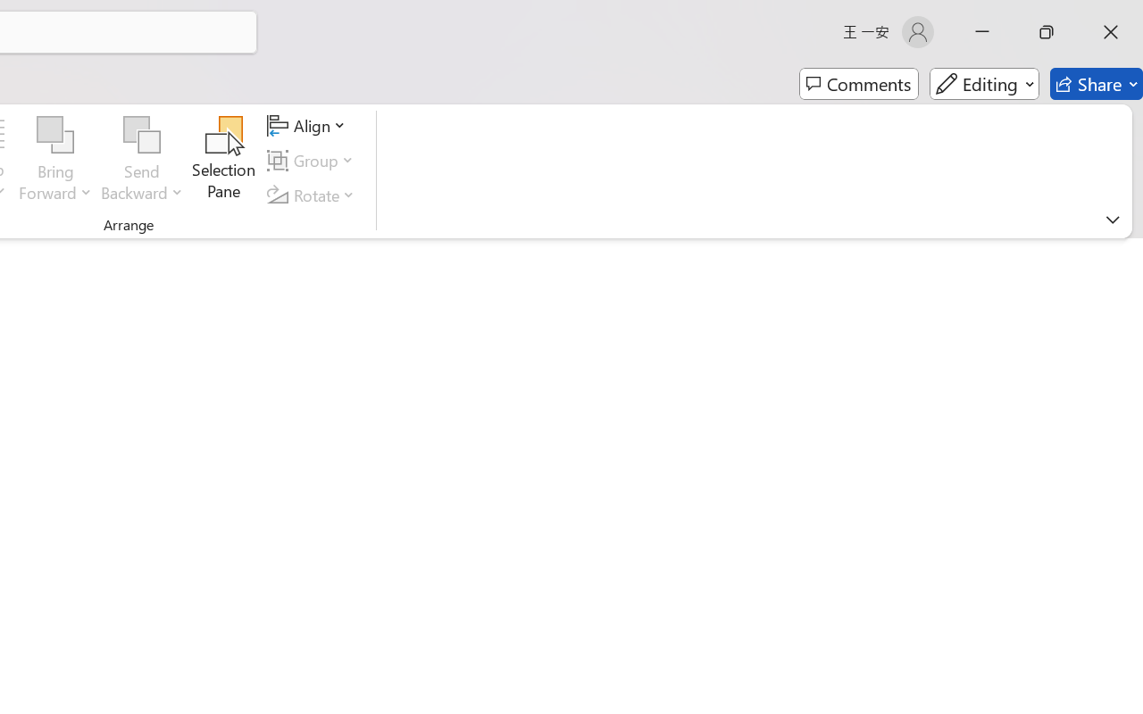 The height and width of the screenshot is (714, 1143). I want to click on 'Align', so click(309, 126).